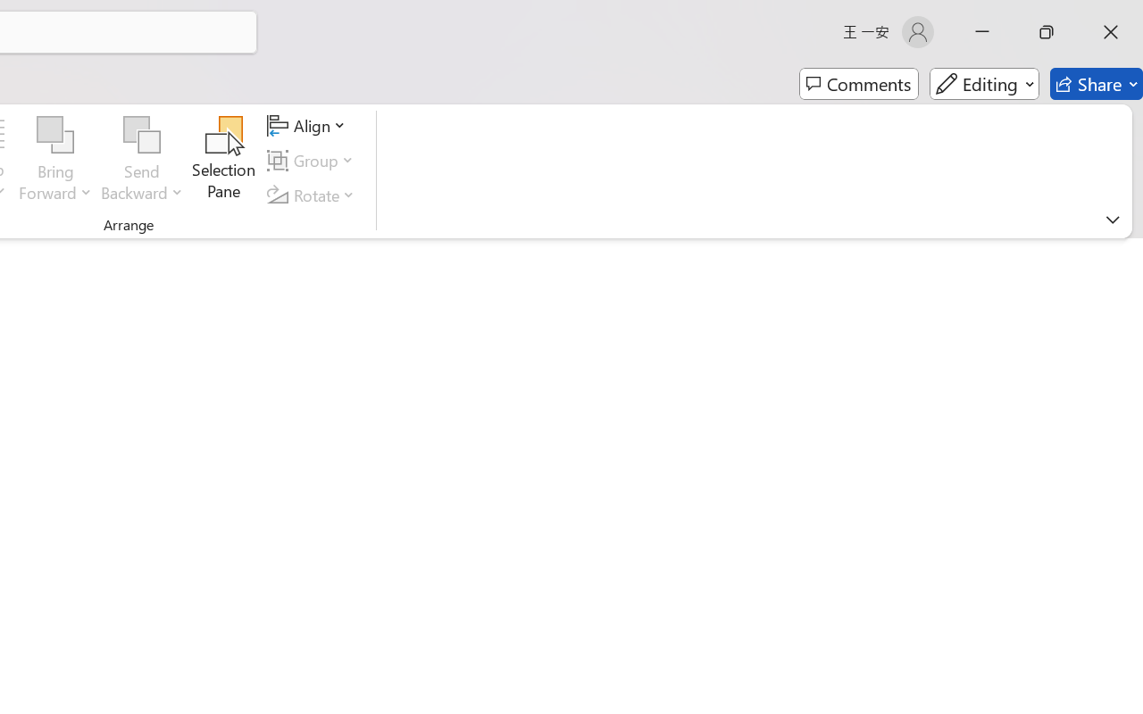 The height and width of the screenshot is (714, 1143). I want to click on 'Align', so click(309, 126).